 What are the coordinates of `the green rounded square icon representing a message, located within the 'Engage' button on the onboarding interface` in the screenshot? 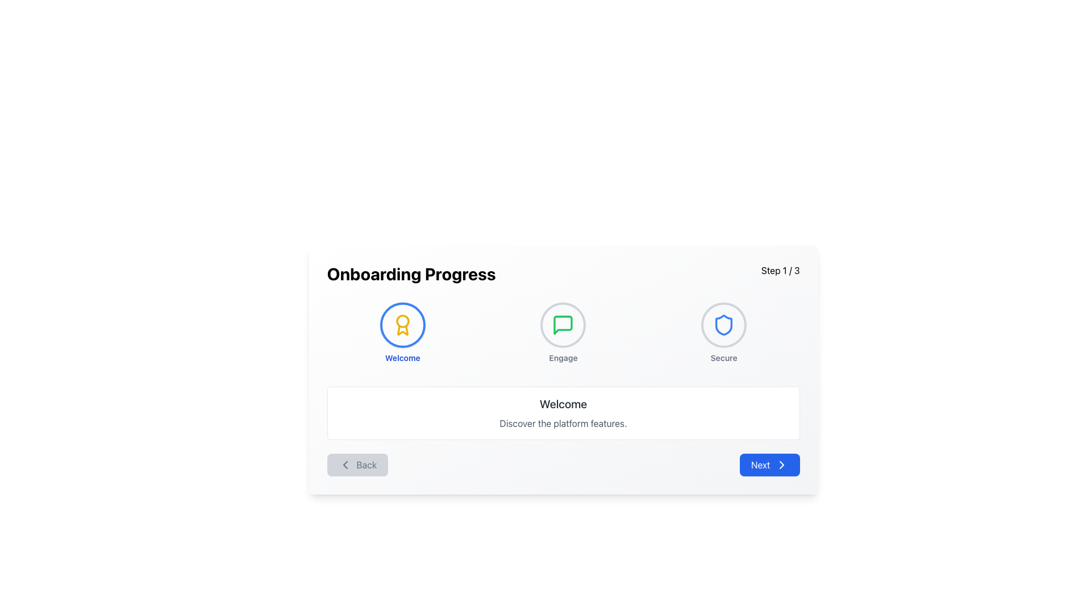 It's located at (563, 325).